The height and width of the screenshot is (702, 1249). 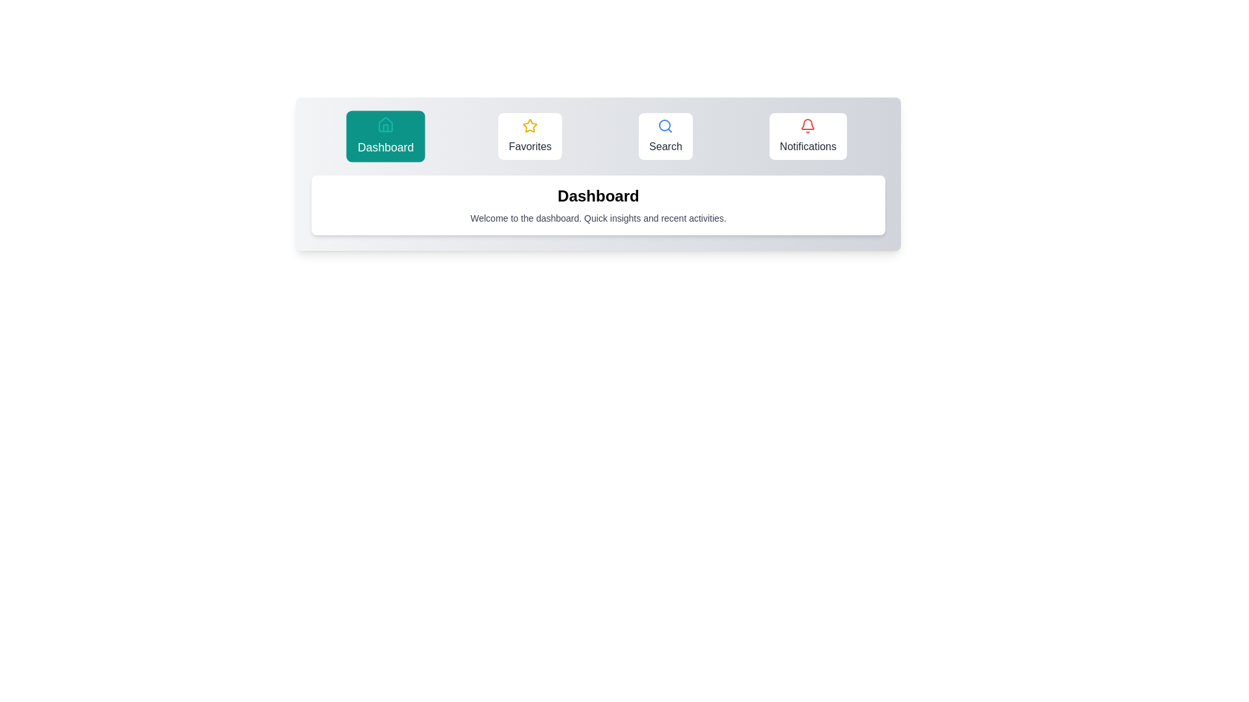 I want to click on the tab labeled Dashboard to observe its specific styling changes, so click(x=385, y=136).